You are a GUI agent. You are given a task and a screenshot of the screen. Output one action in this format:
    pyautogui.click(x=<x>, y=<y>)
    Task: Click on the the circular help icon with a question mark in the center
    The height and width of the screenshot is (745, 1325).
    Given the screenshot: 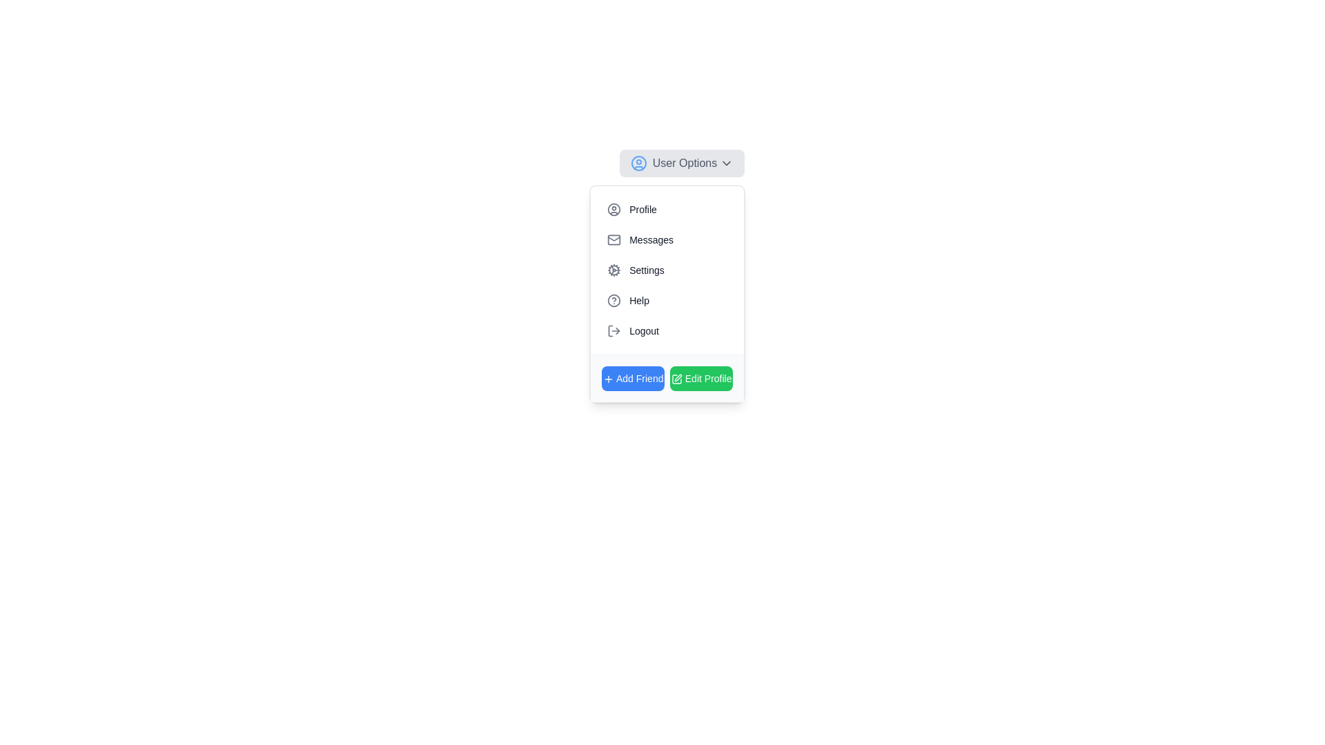 What is the action you would take?
    pyautogui.click(x=614, y=299)
    